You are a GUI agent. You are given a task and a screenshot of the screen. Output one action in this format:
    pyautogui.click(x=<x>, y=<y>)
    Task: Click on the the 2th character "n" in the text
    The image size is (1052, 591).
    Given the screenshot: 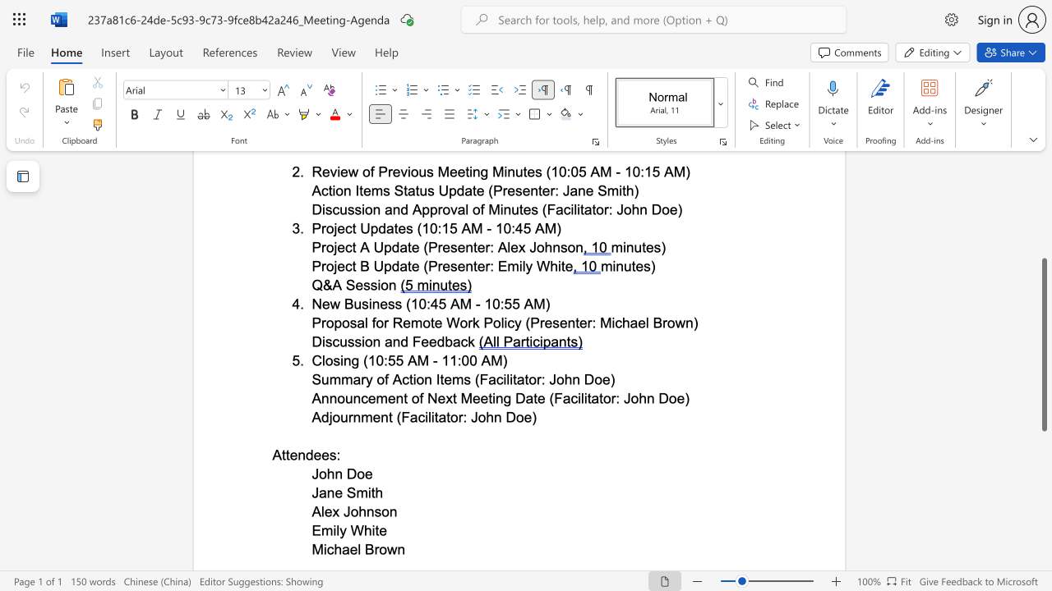 What is the action you would take?
    pyautogui.click(x=332, y=398)
    